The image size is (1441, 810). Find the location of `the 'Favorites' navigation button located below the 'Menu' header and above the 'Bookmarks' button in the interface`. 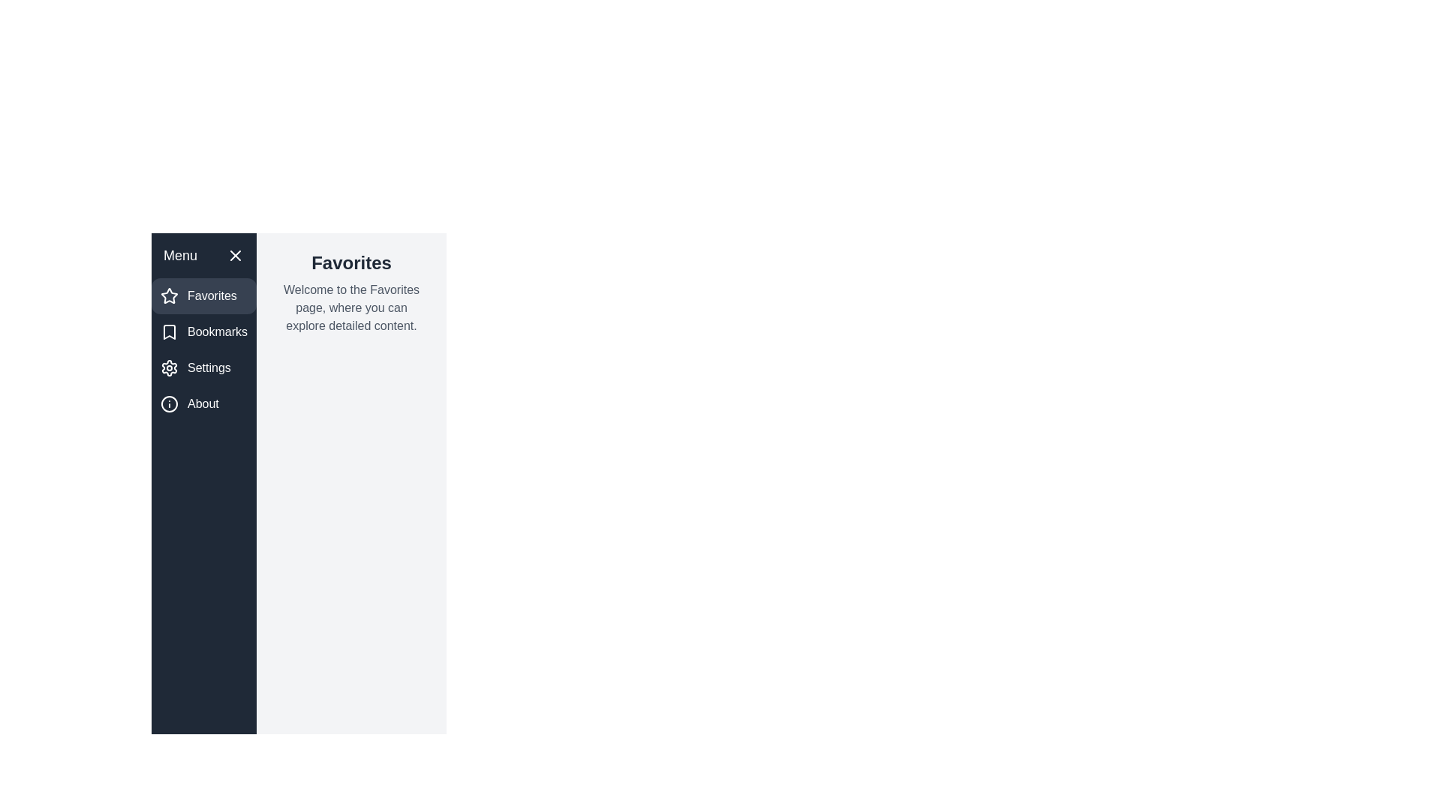

the 'Favorites' navigation button located below the 'Menu' header and above the 'Bookmarks' button in the interface is located at coordinates (203, 295).